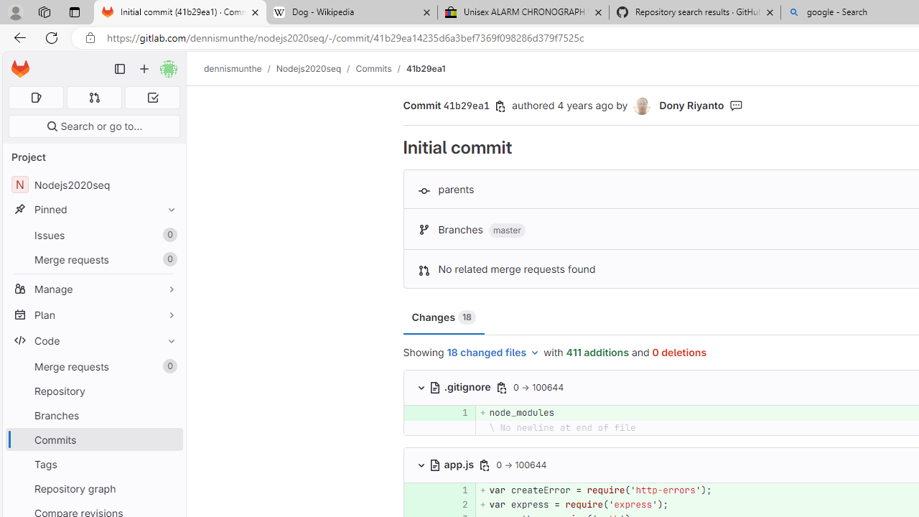  What do you see at coordinates (93, 488) in the screenshot?
I see `'Repository graph'` at bounding box center [93, 488].